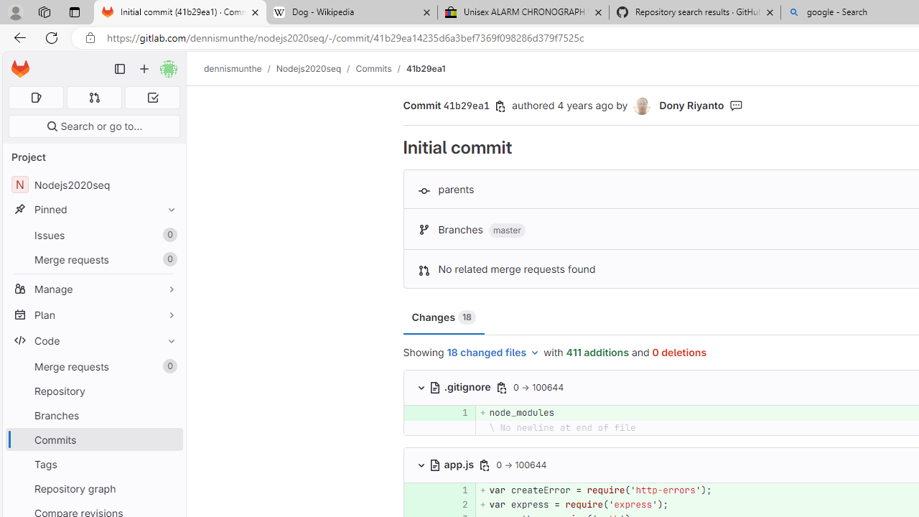  What do you see at coordinates (93, 488) in the screenshot?
I see `'Repository graph'` at bounding box center [93, 488].